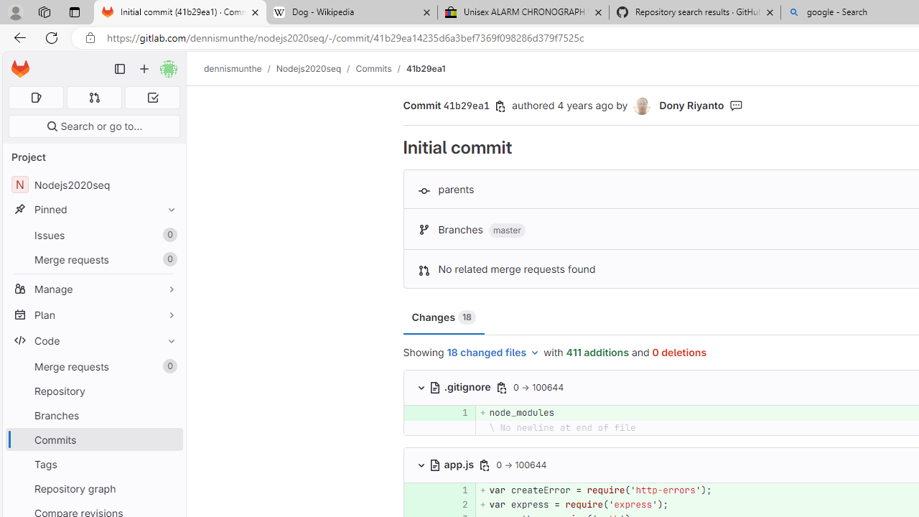  What do you see at coordinates (93, 488) in the screenshot?
I see `'Repository graph'` at bounding box center [93, 488].